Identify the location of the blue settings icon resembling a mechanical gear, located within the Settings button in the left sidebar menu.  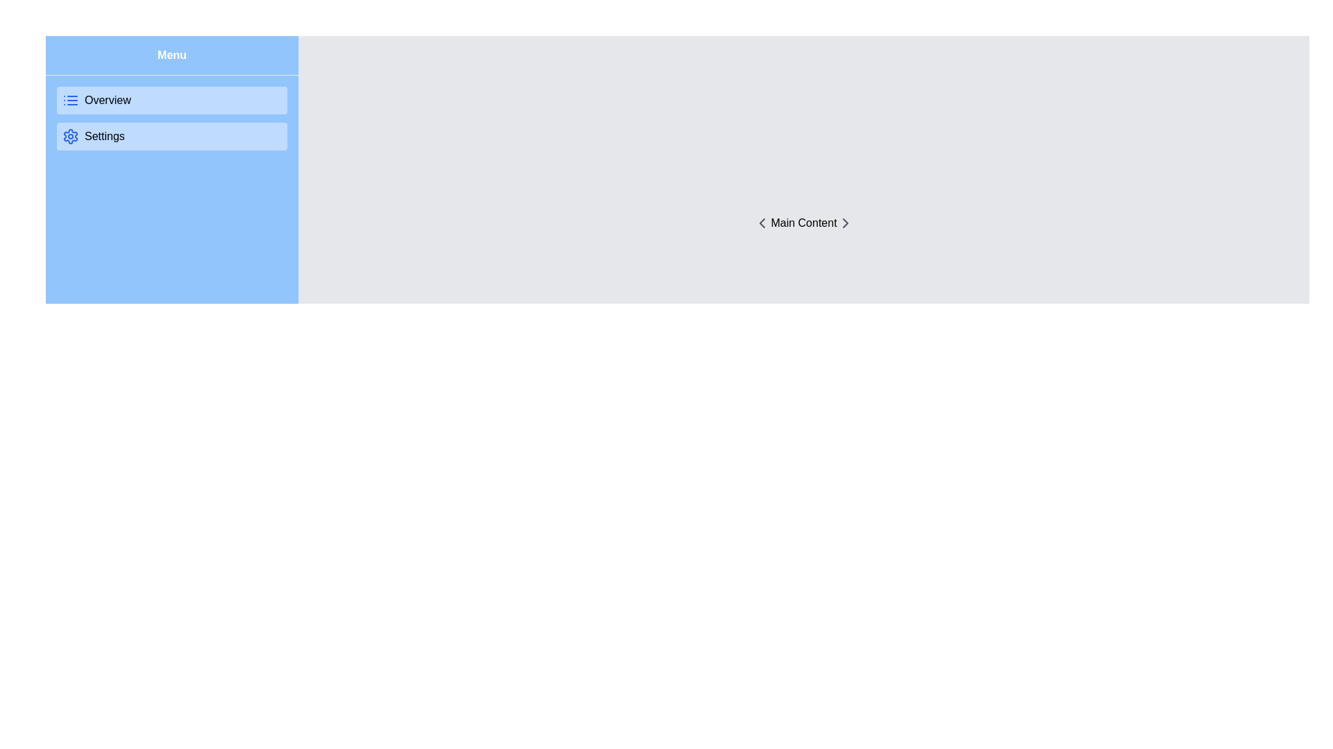
(69, 136).